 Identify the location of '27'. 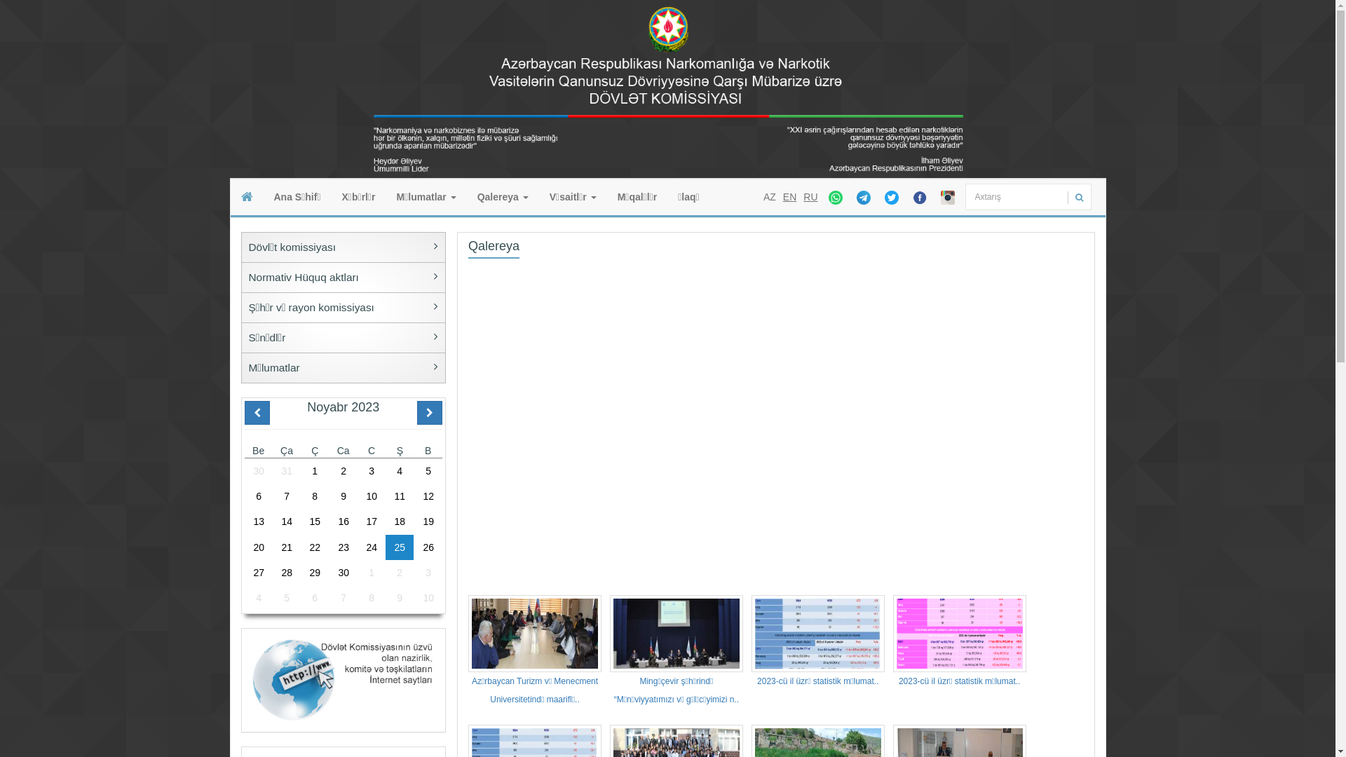
(258, 573).